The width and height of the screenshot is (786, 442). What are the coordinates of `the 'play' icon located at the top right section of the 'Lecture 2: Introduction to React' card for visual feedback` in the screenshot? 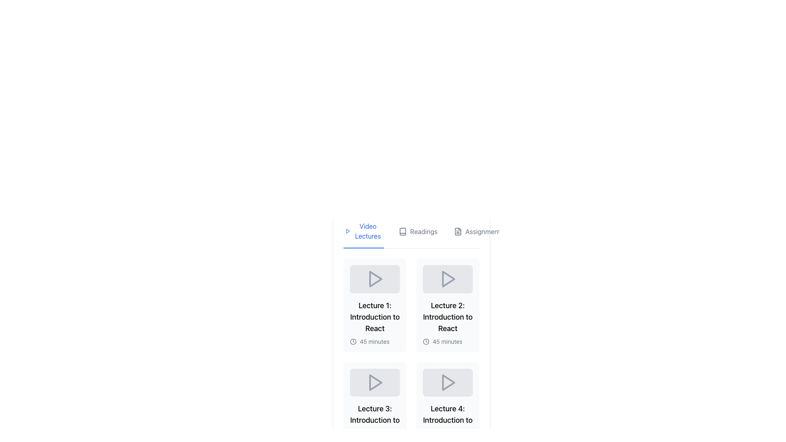 It's located at (448, 279).